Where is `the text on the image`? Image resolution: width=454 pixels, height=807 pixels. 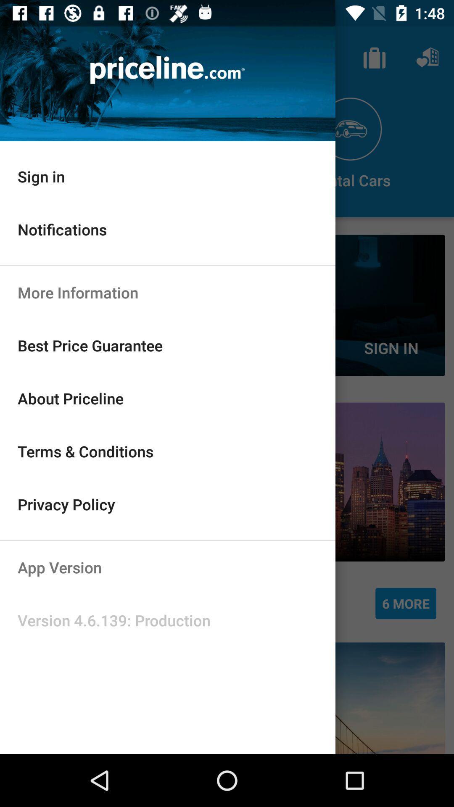 the text on the image is located at coordinates (167, 71).